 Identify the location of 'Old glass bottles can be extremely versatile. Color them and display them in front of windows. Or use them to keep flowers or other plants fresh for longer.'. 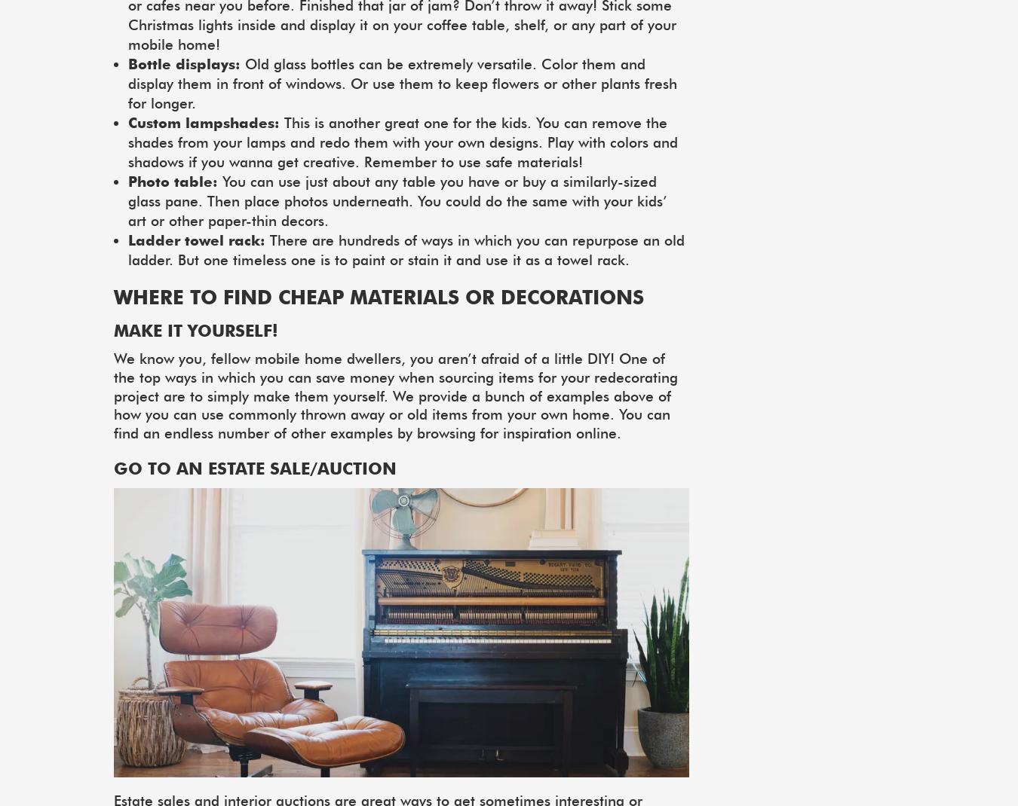
(127, 83).